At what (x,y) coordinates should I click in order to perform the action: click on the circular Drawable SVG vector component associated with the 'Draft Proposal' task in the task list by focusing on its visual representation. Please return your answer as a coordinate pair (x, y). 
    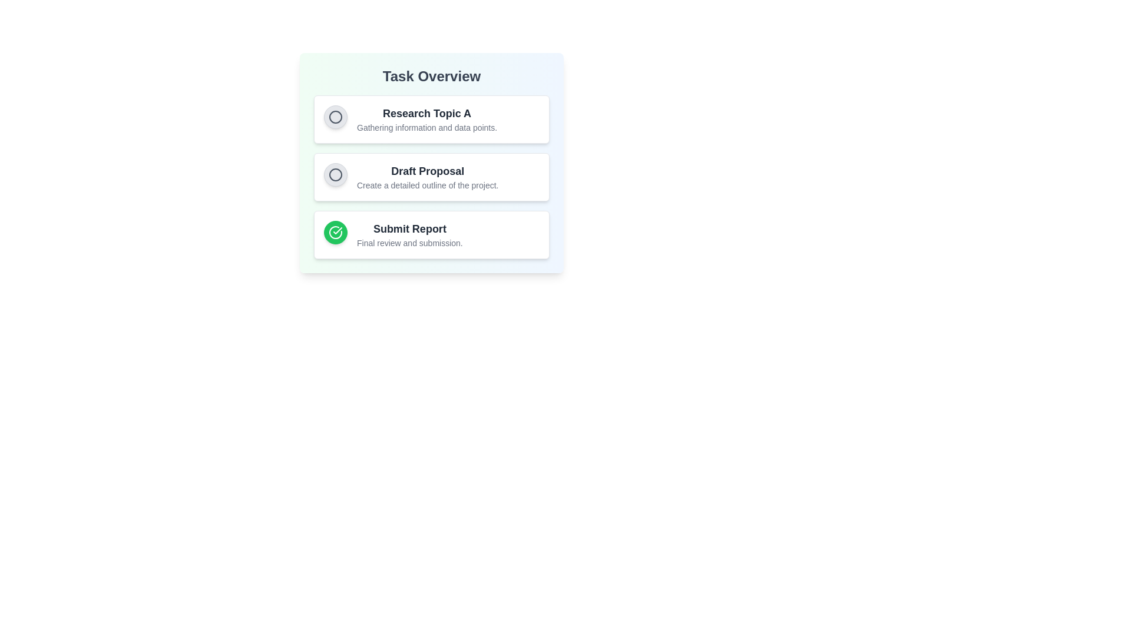
    Looking at the image, I should click on (335, 175).